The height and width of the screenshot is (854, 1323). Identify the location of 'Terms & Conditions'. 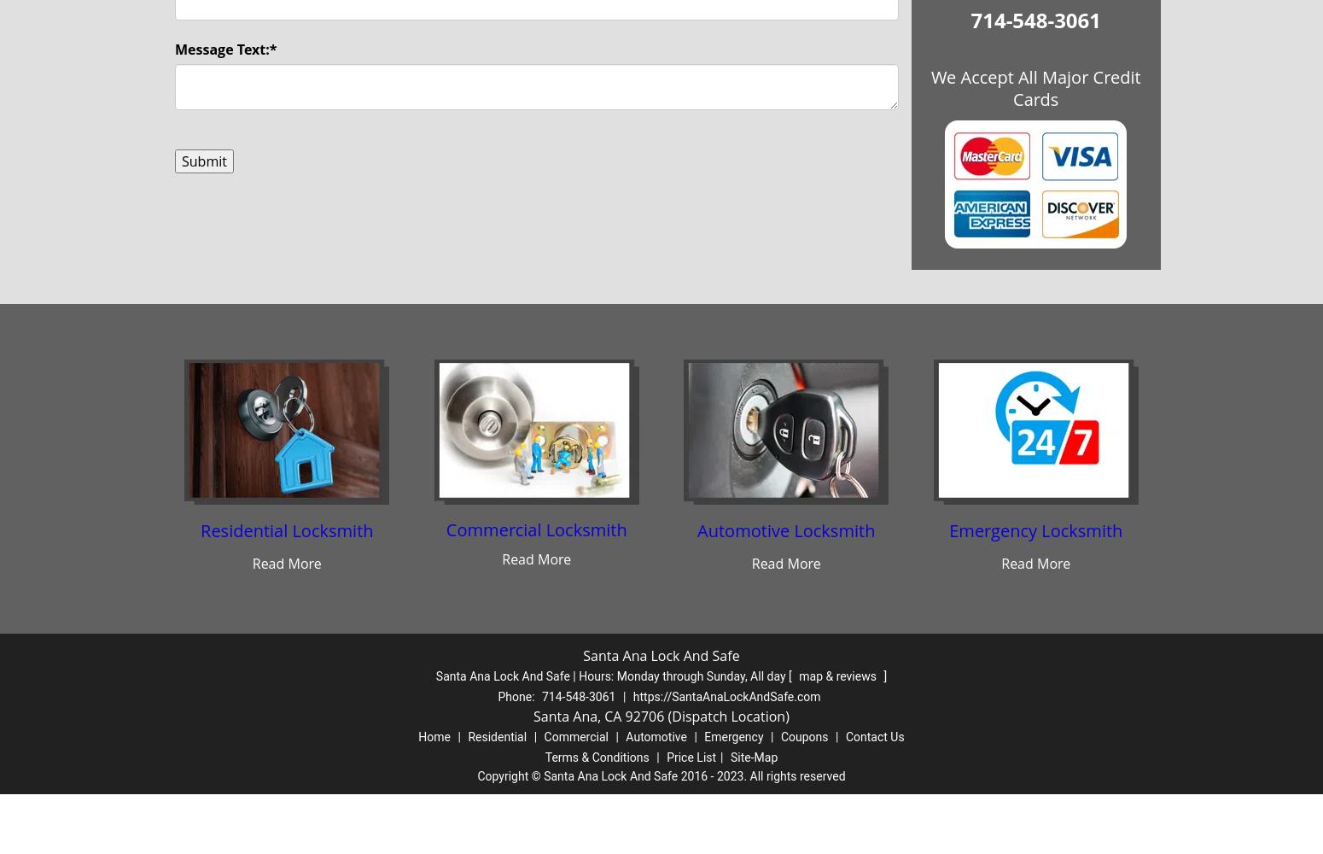
(597, 757).